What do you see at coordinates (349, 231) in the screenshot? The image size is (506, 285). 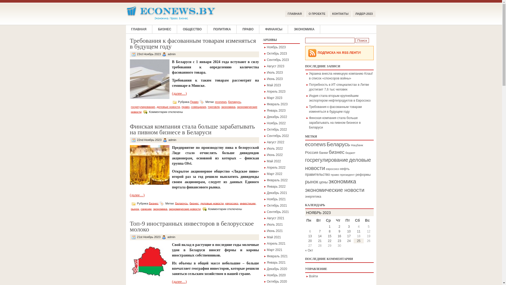 I see `'10'` at bounding box center [349, 231].